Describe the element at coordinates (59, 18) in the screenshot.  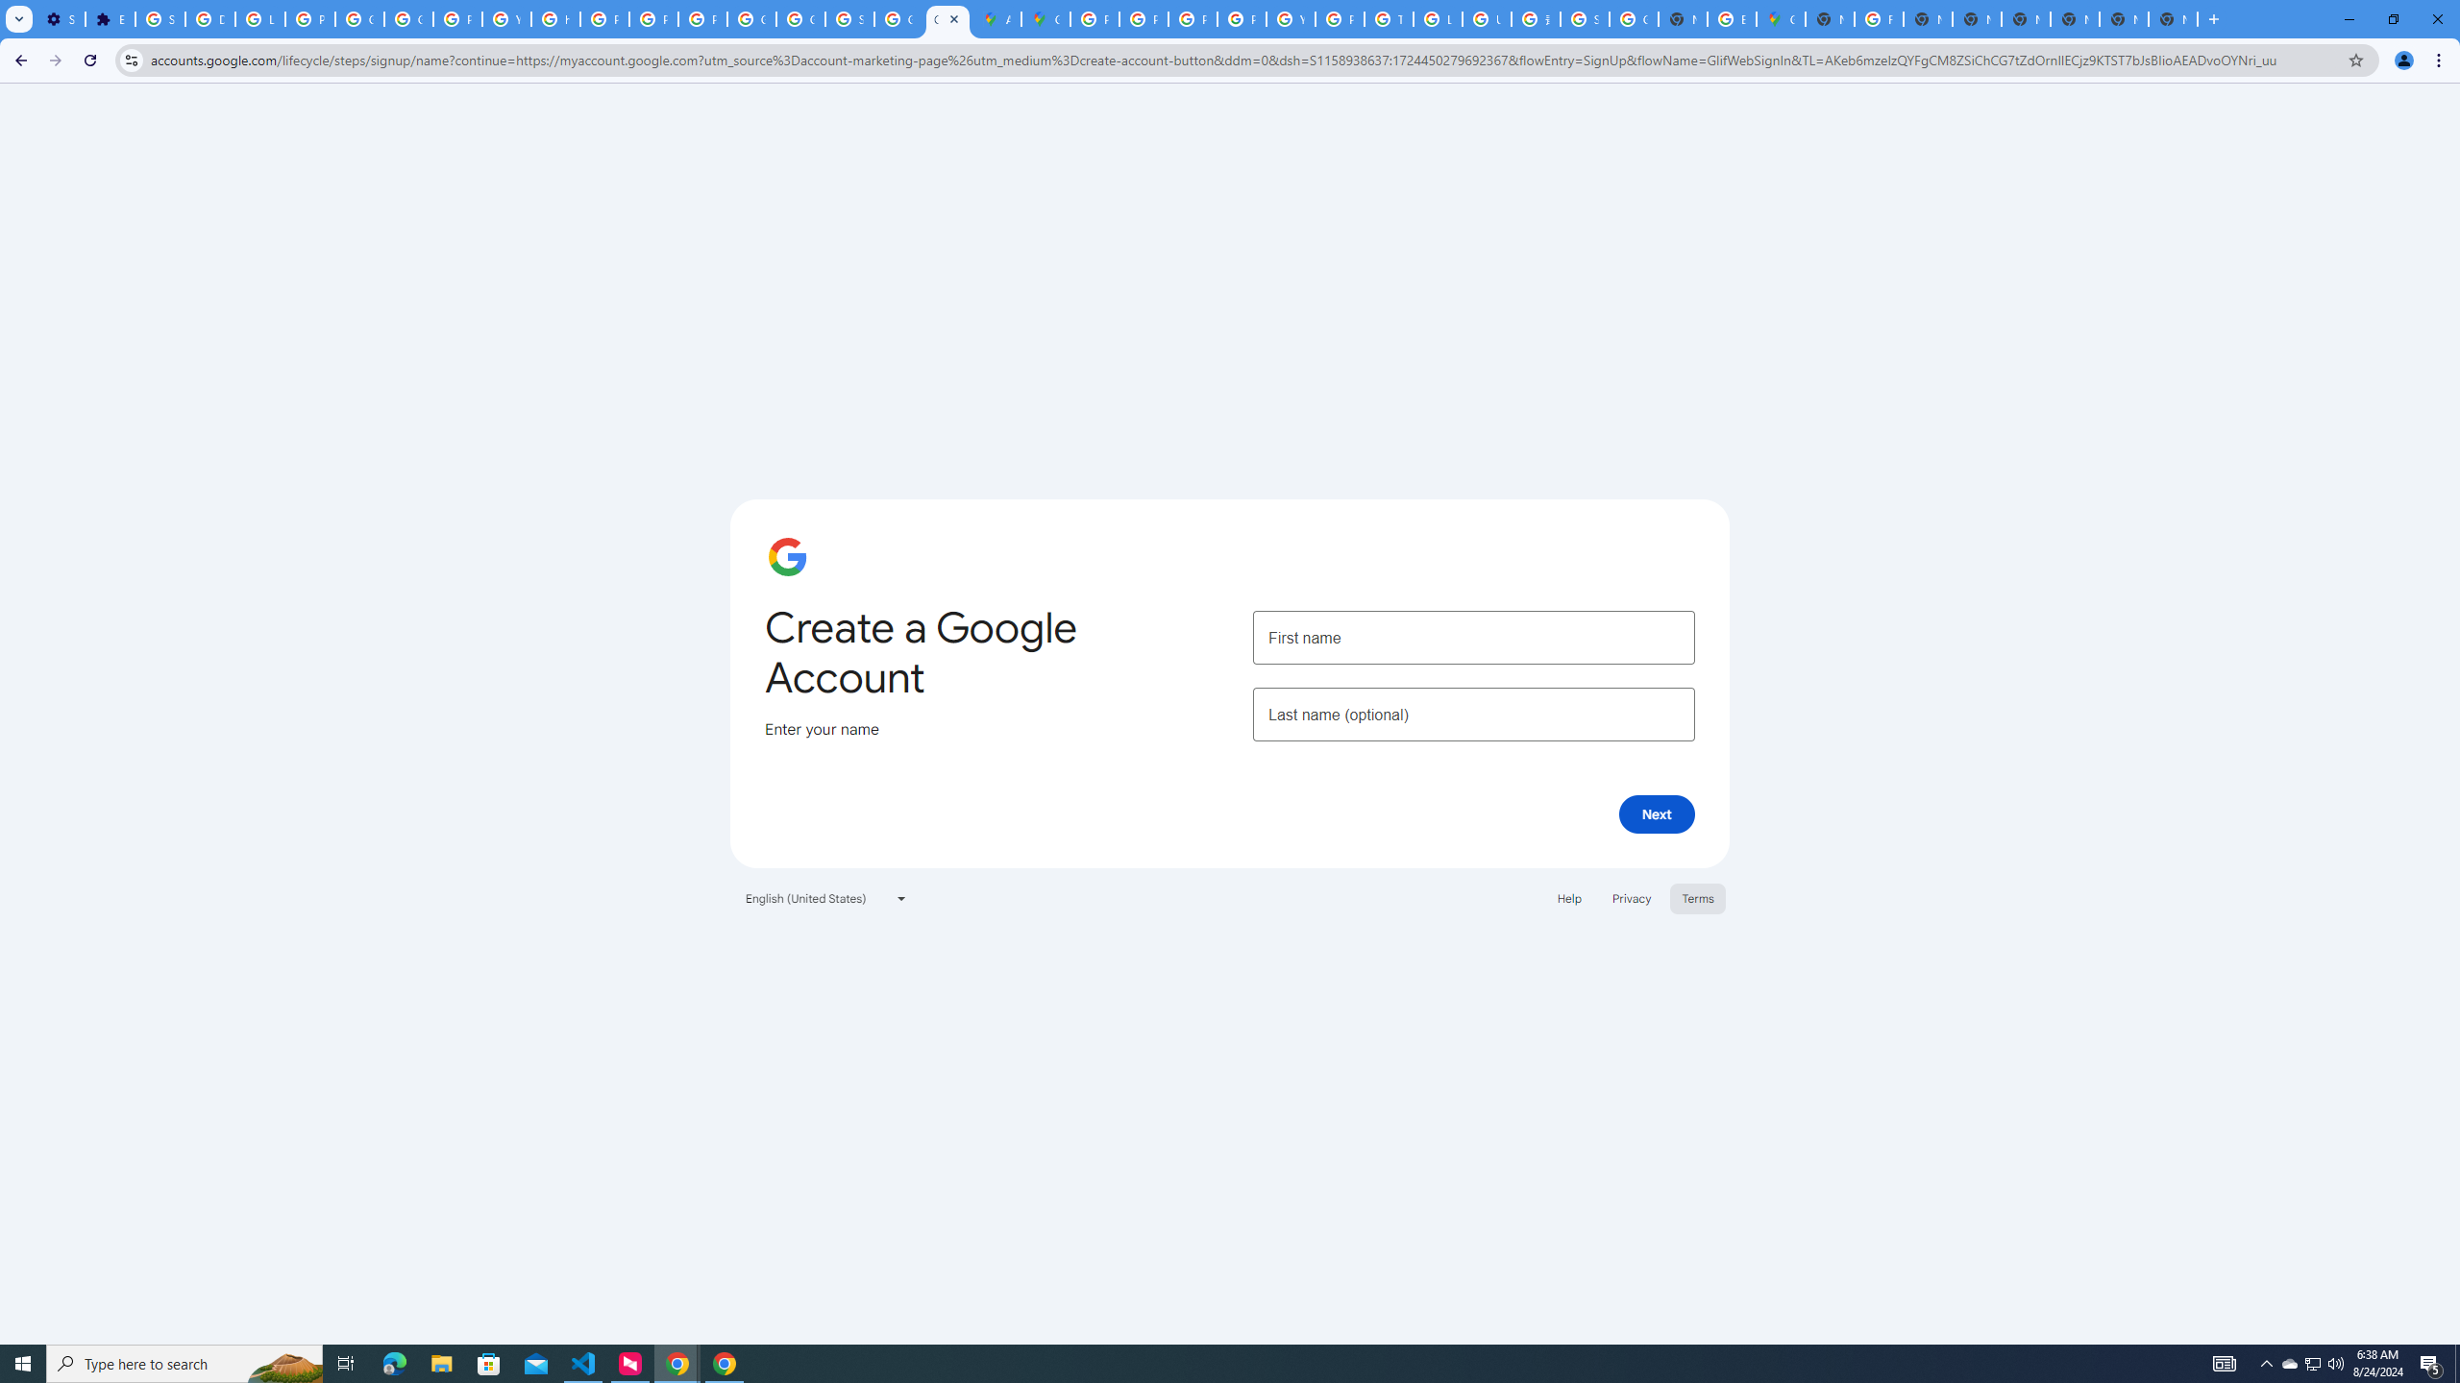
I see `'Settings - On startup'` at that location.